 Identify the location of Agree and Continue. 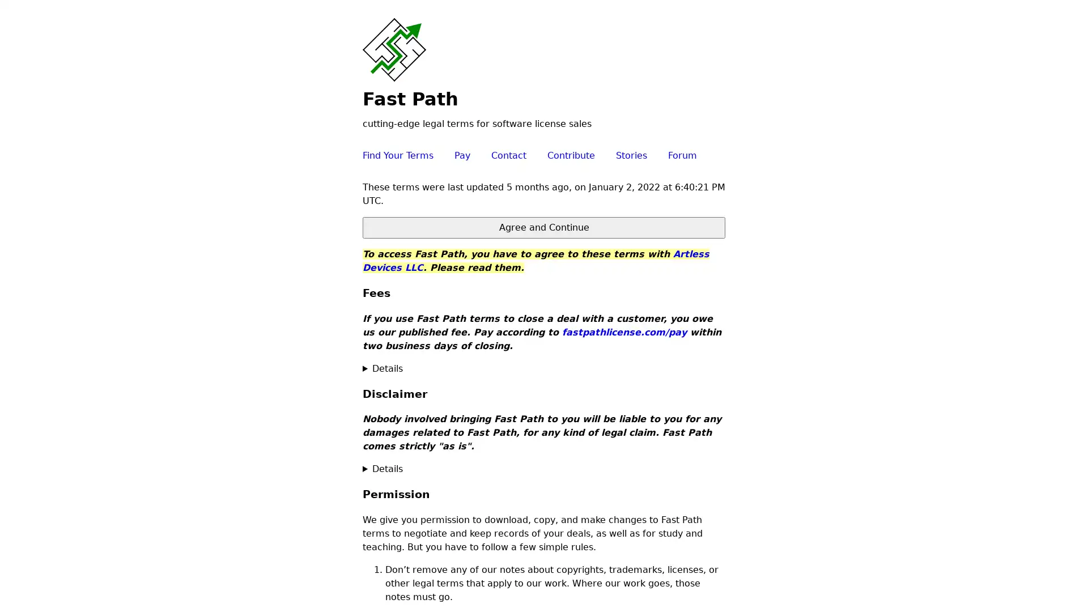
(544, 227).